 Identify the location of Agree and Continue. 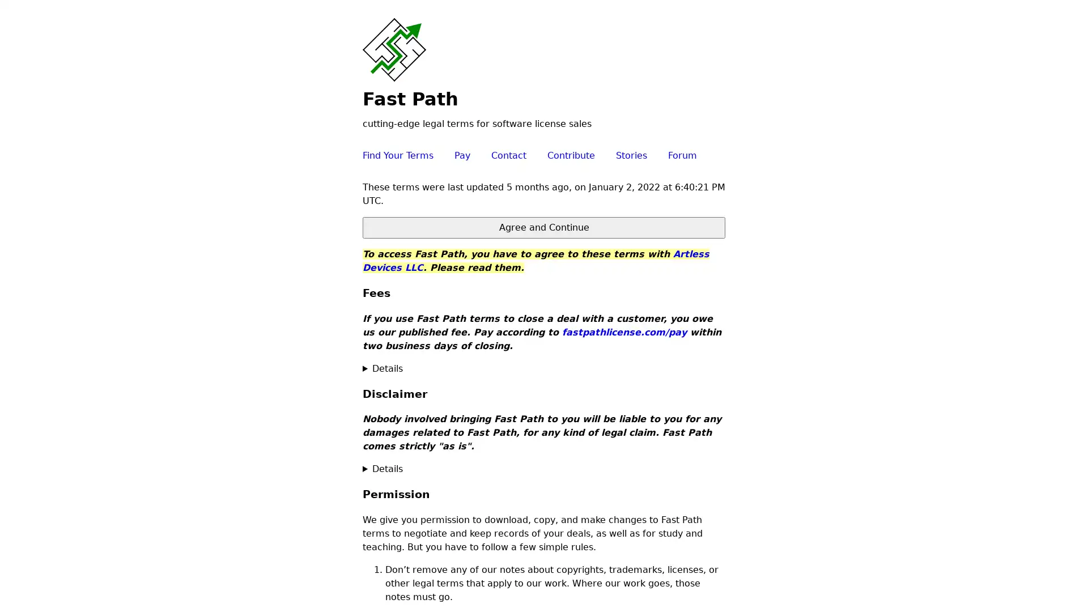
(544, 227).